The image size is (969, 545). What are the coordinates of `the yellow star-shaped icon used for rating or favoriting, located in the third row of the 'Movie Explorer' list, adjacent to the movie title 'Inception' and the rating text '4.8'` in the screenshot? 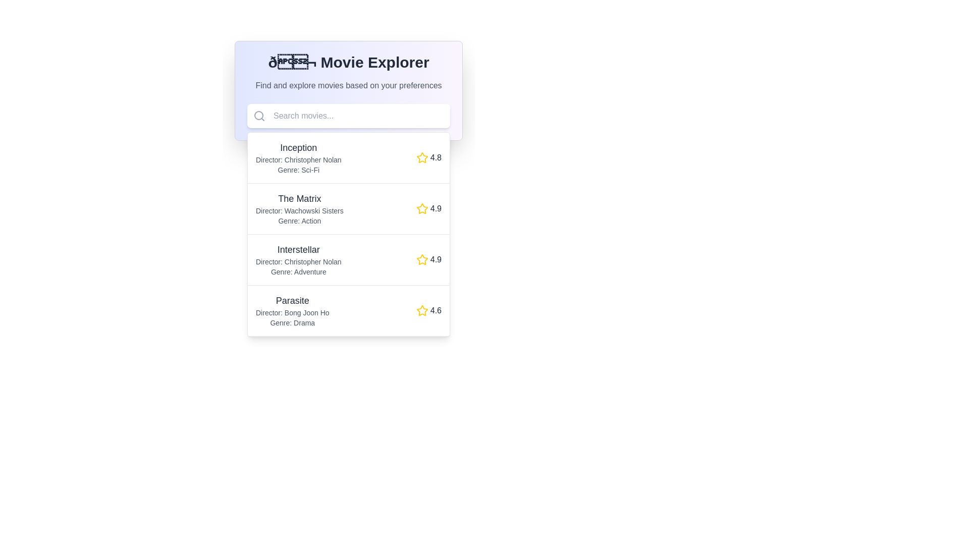 It's located at (422, 157).